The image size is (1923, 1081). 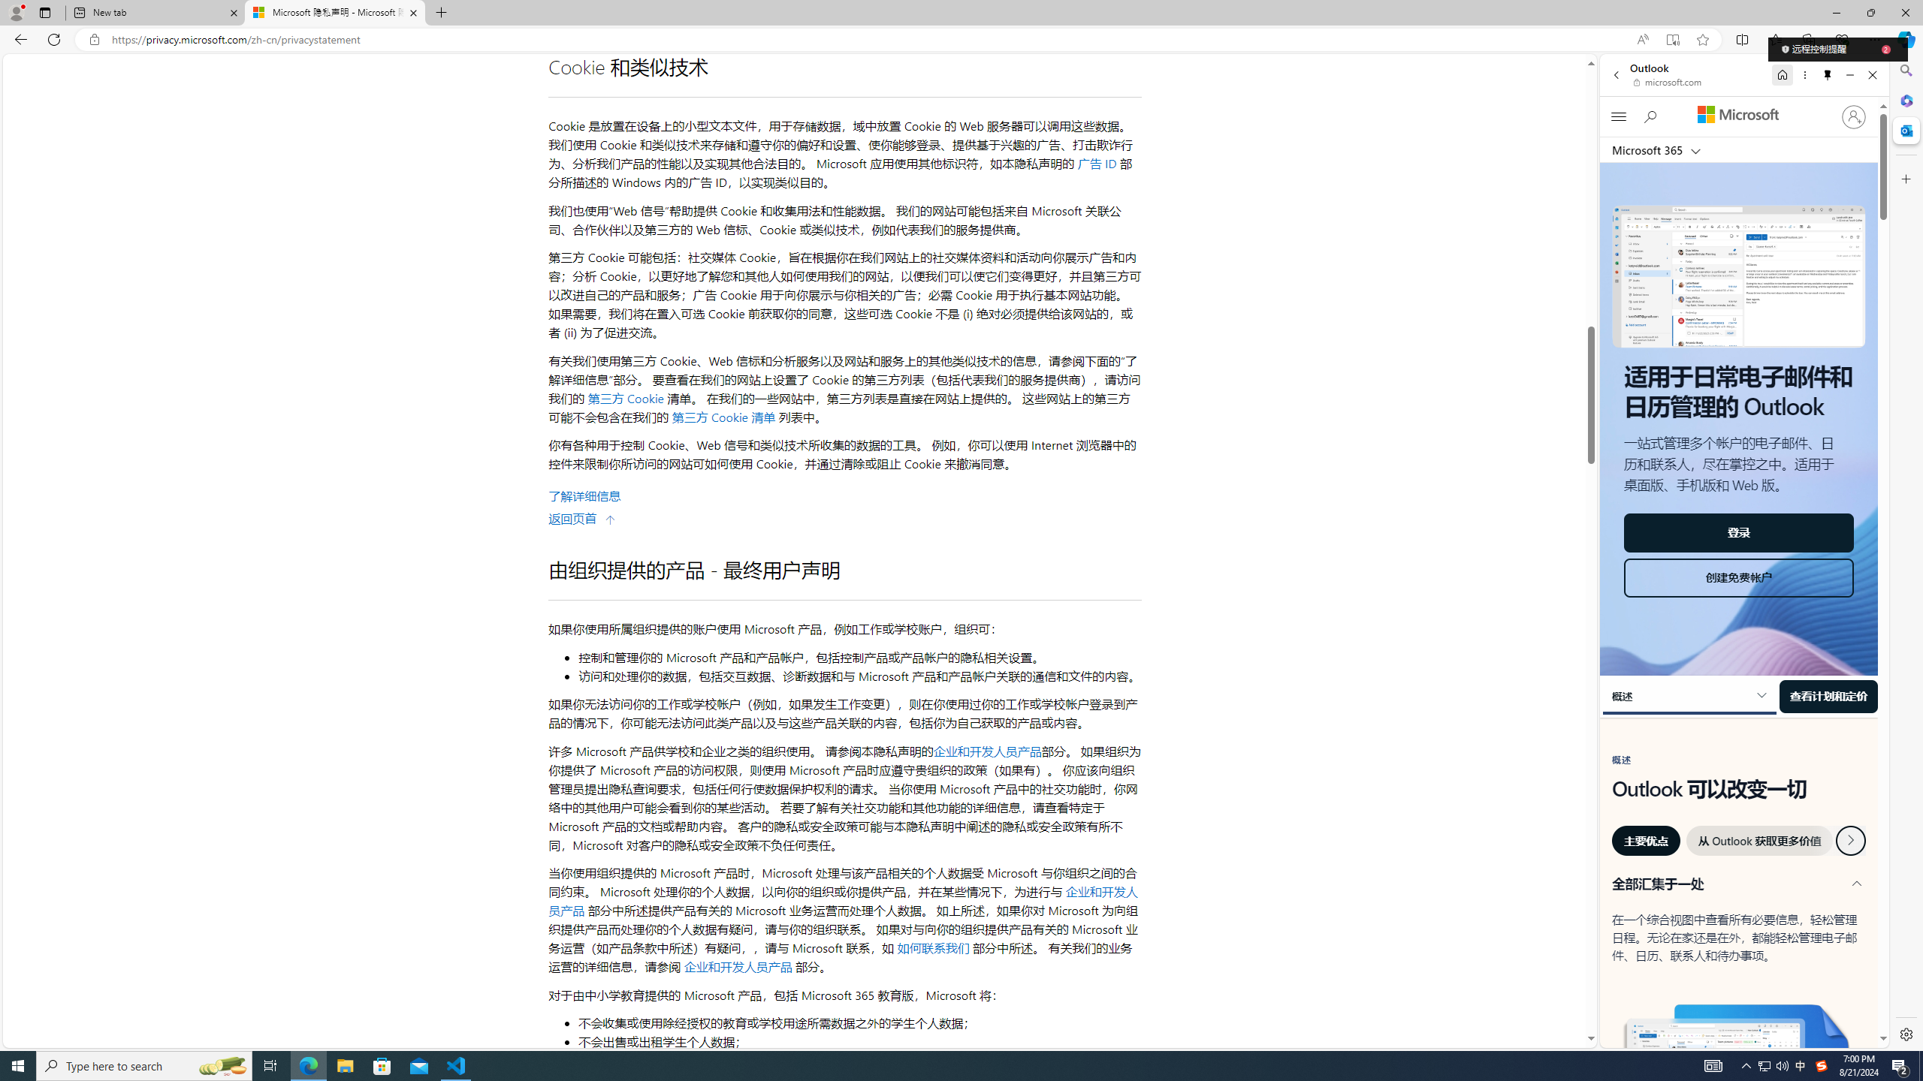 I want to click on 'microsoft.com', so click(x=1668, y=81).